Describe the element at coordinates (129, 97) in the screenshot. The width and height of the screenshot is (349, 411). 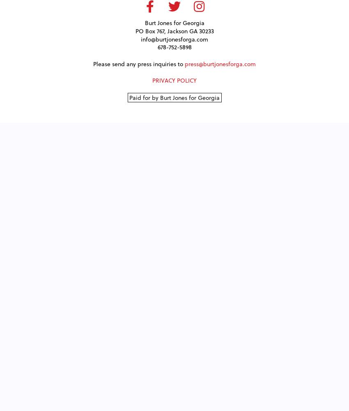
I see `'Paid for by Burt Jones for Georgia'` at that location.